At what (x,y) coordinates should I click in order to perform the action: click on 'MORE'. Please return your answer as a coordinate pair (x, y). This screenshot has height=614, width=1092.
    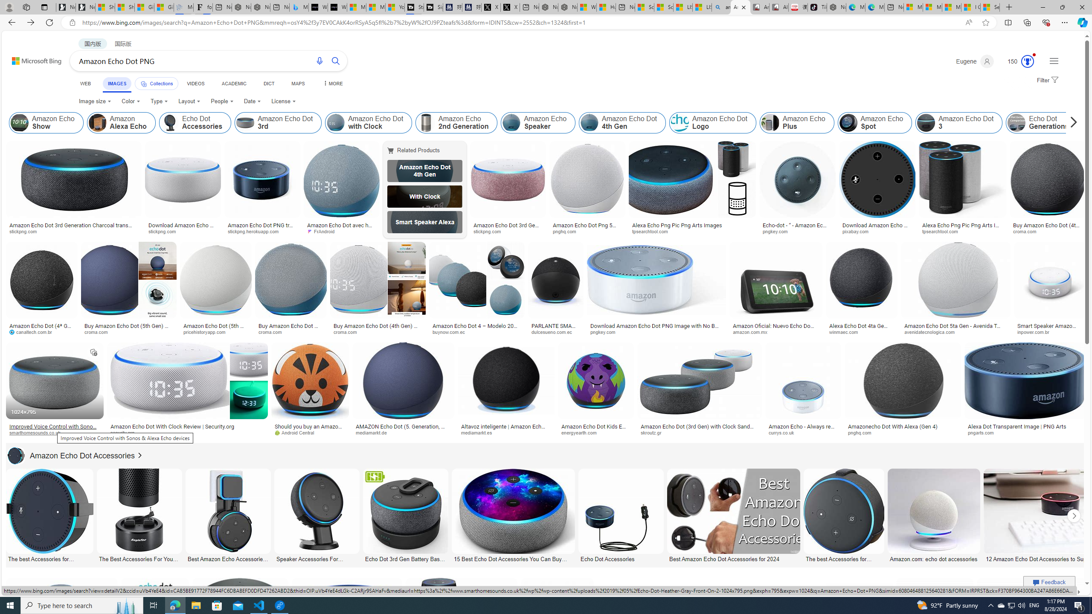
    Looking at the image, I should click on (332, 83).